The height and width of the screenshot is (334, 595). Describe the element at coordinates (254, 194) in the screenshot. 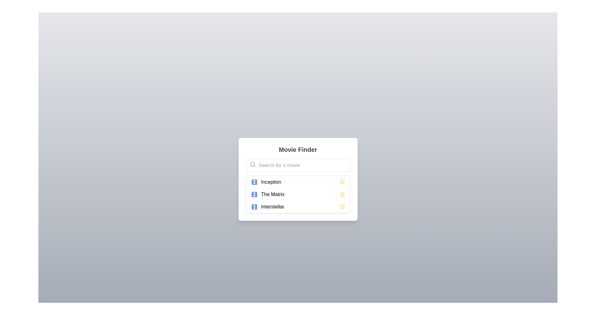

I see `the video icon located immediately to the left of the text label 'The Matrix' in the search results list` at that location.